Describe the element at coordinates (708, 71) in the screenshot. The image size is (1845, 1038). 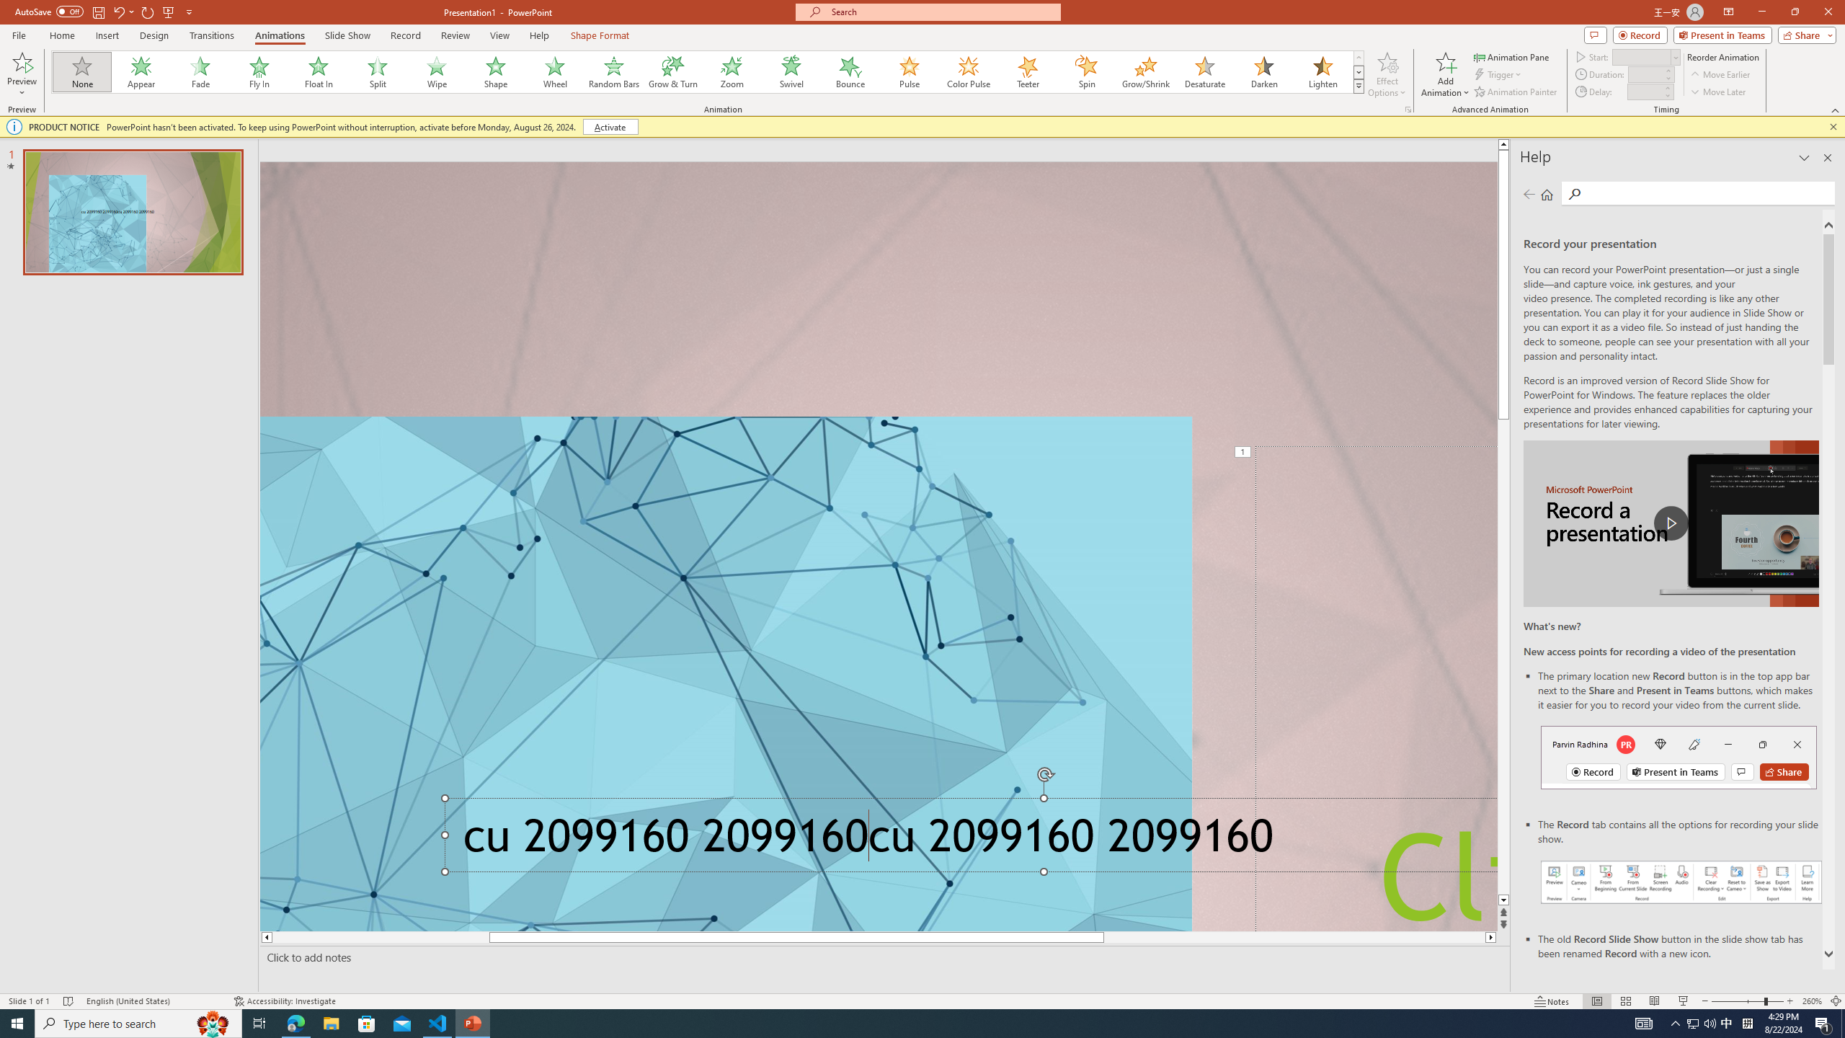
I see `'AutomationID: AnimationGallery'` at that location.